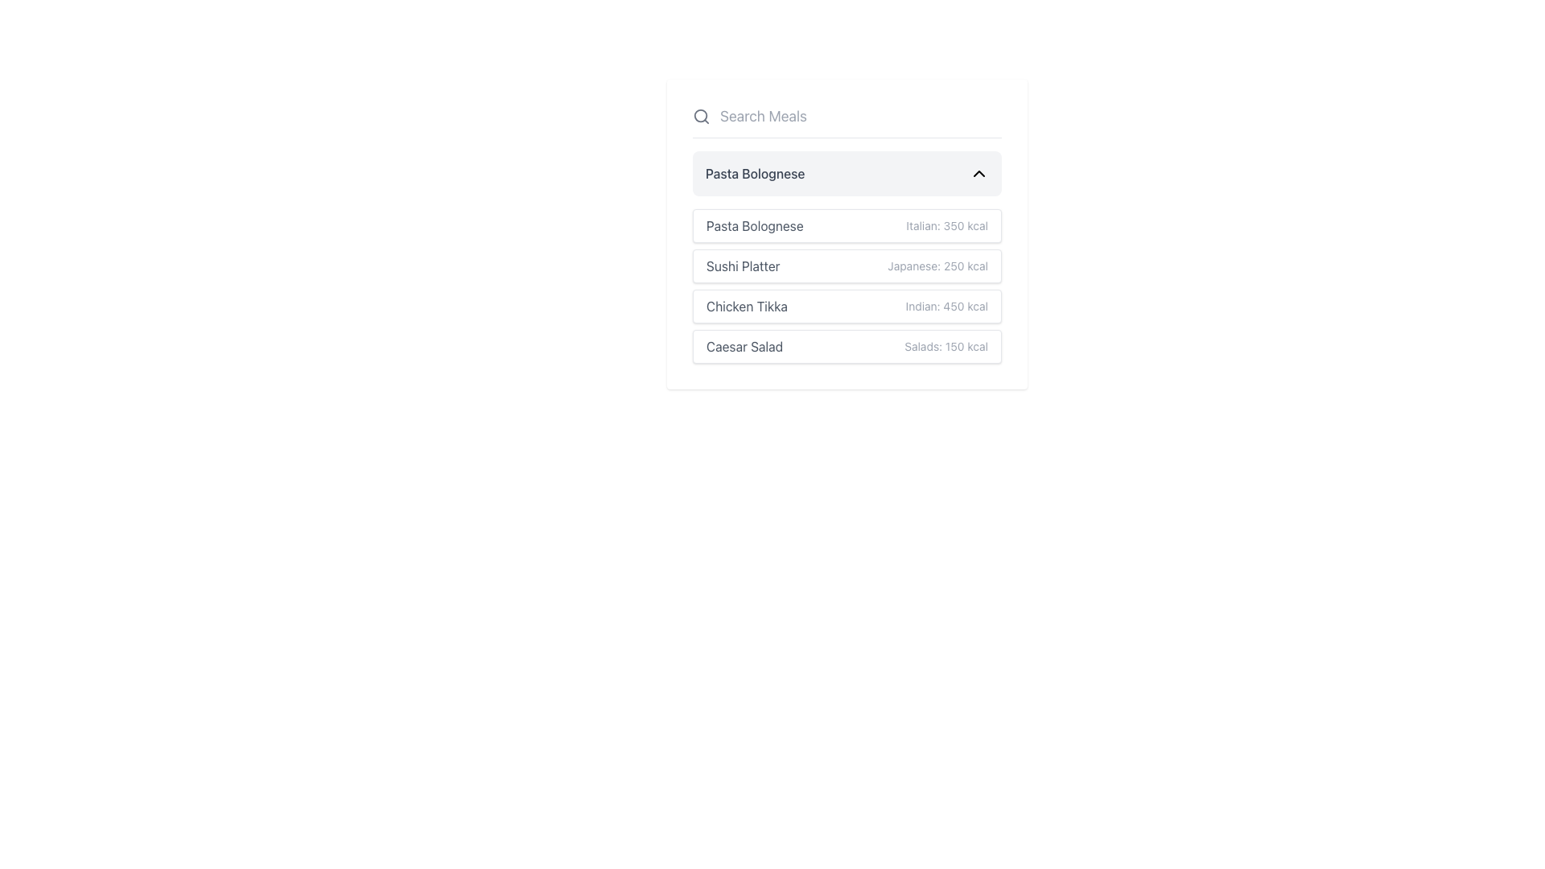  I want to click on the 'Caesar Salad' menu item, which is the fourth item in the dropdown list, so click(846, 346).